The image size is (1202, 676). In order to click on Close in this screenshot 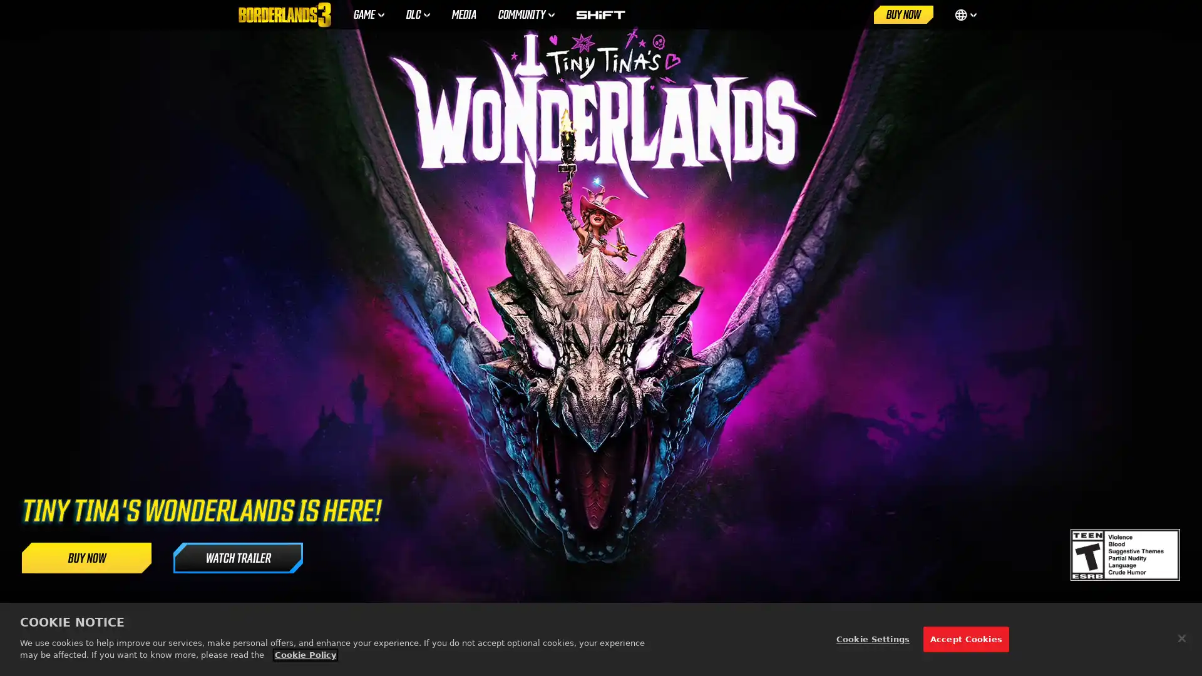, I will do `click(1181, 637)`.